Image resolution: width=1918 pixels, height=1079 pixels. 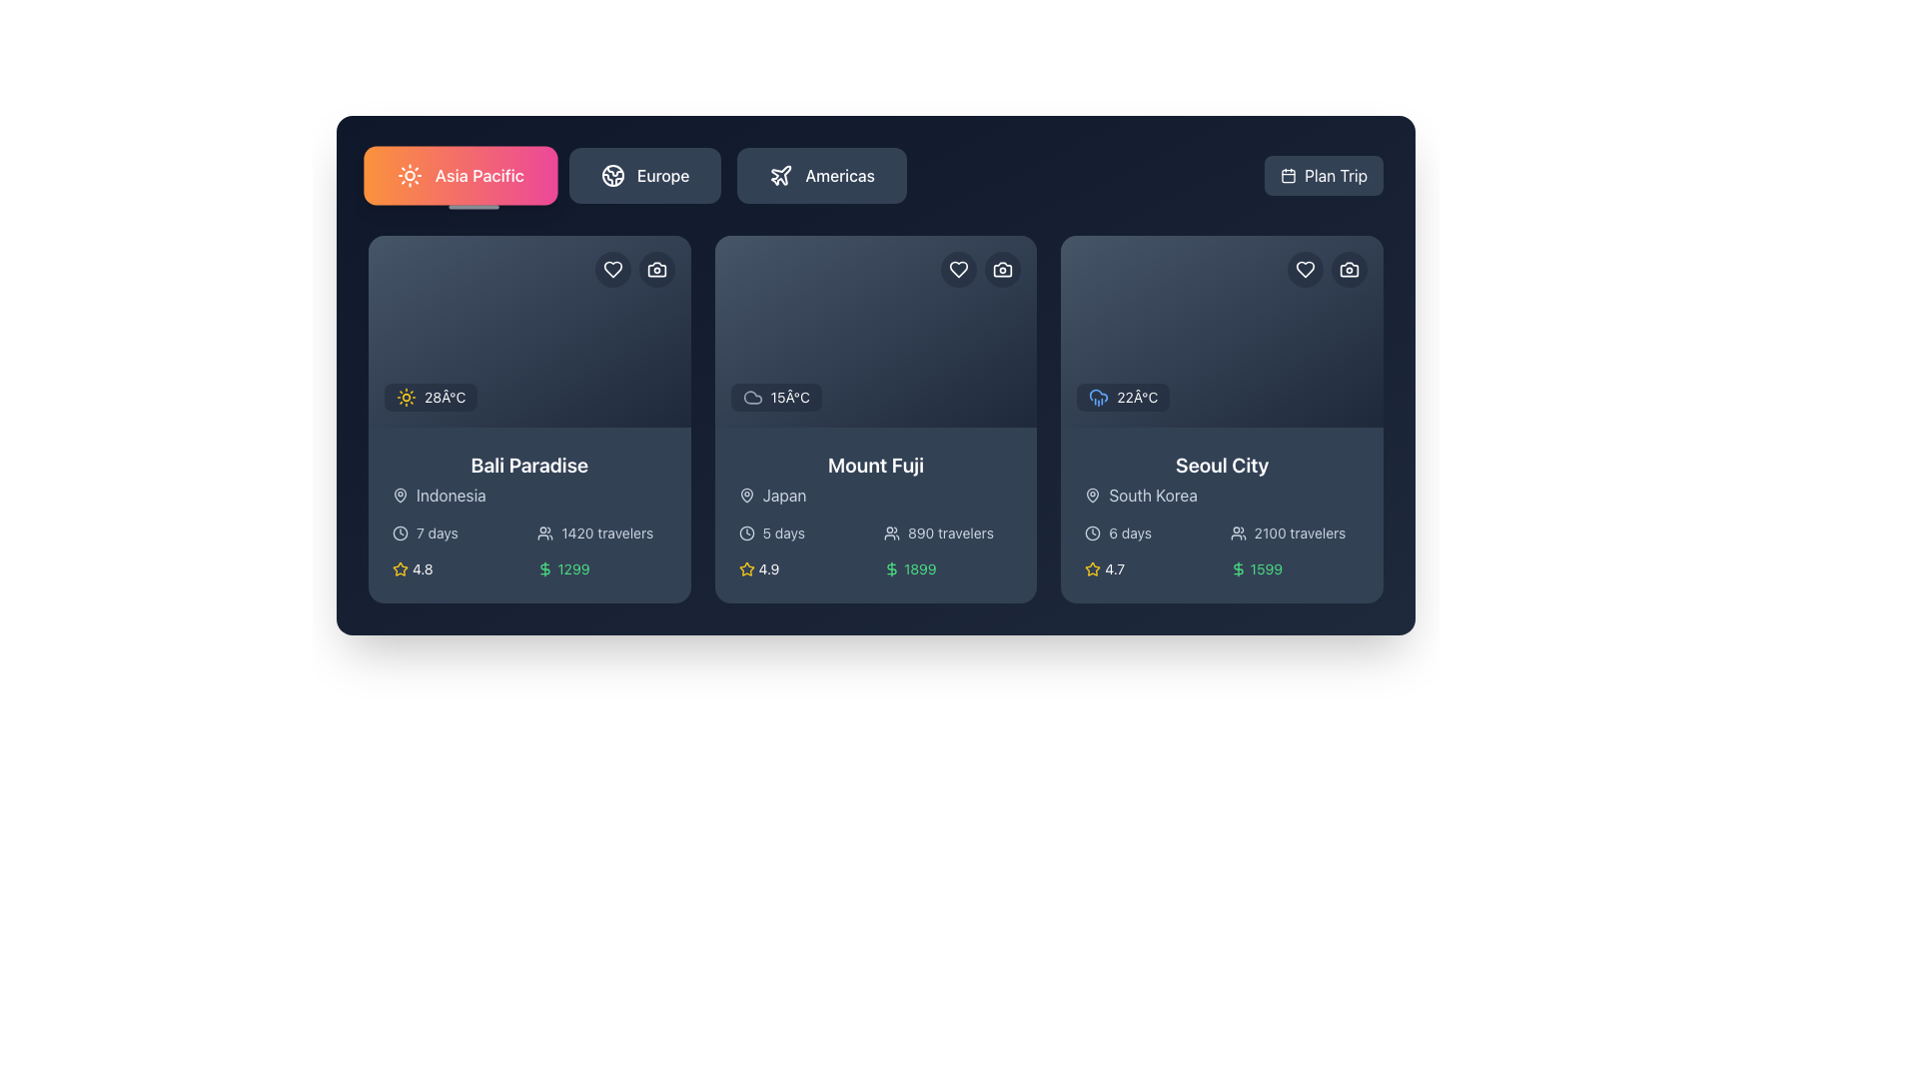 What do you see at coordinates (663, 175) in the screenshot?
I see `text of the navigation button label for 'Europe', which is the second button from the left in the navigation options, located slightly to the right of the button's center` at bounding box center [663, 175].